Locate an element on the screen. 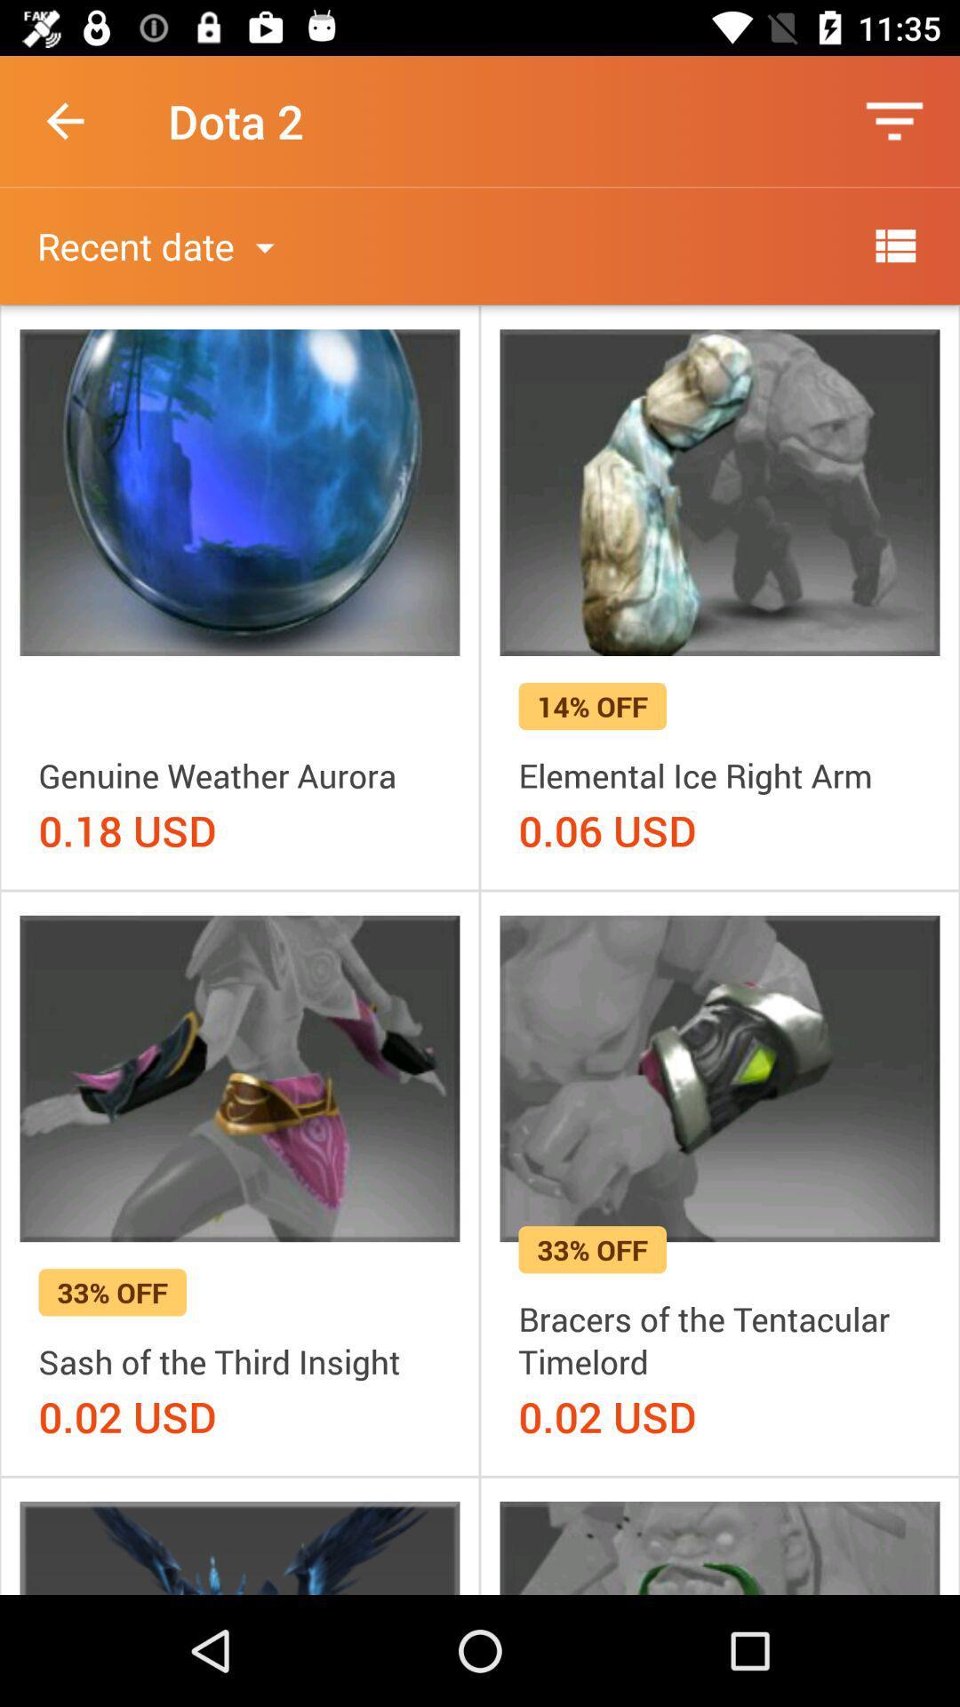 This screenshot has width=960, height=1707. organize options in list is located at coordinates (894, 244).